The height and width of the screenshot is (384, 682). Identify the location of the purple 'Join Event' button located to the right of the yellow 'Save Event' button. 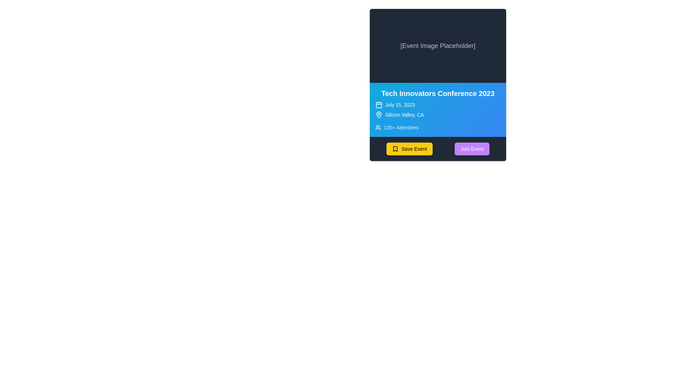
(472, 149).